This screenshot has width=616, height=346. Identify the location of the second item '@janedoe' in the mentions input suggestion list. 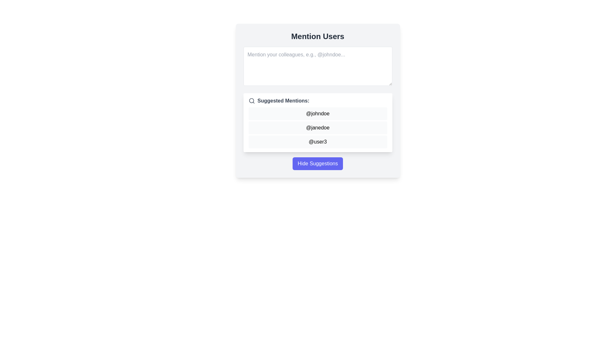
(318, 128).